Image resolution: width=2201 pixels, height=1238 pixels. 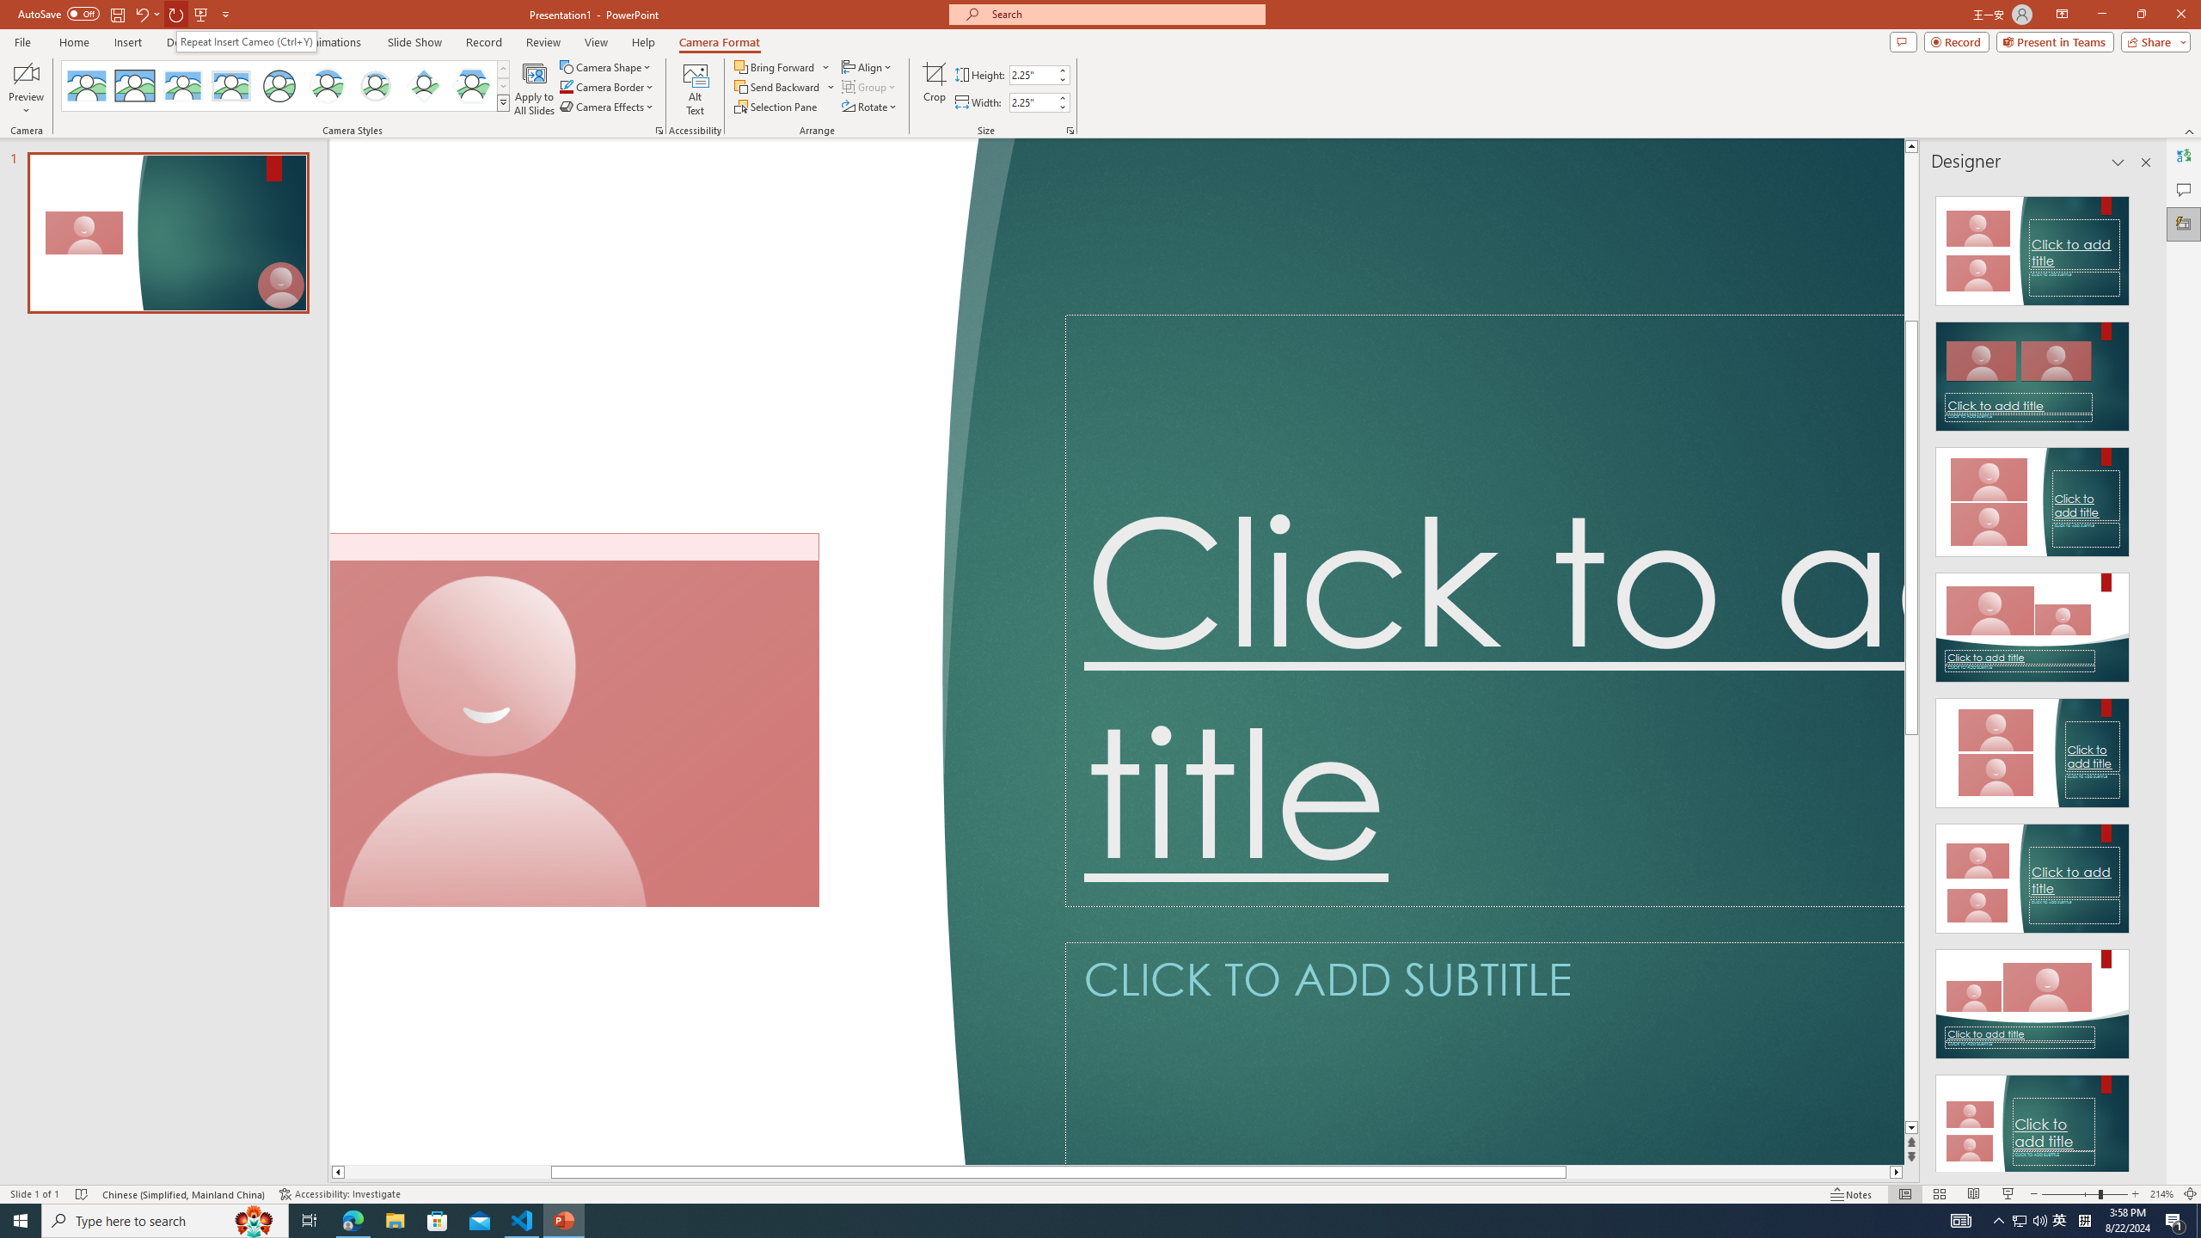 What do you see at coordinates (59, 13) in the screenshot?
I see `'AutoSave'` at bounding box center [59, 13].